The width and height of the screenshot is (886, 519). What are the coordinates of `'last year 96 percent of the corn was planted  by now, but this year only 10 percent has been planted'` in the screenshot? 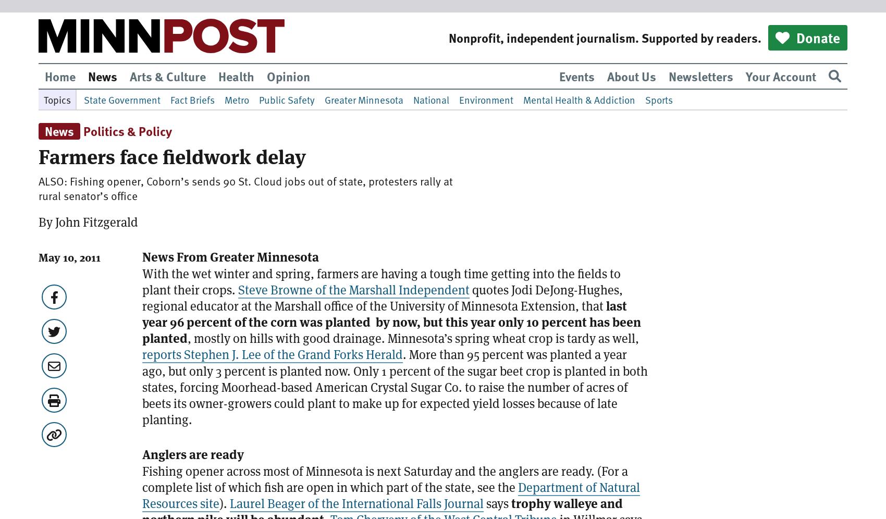 It's located at (391, 322).